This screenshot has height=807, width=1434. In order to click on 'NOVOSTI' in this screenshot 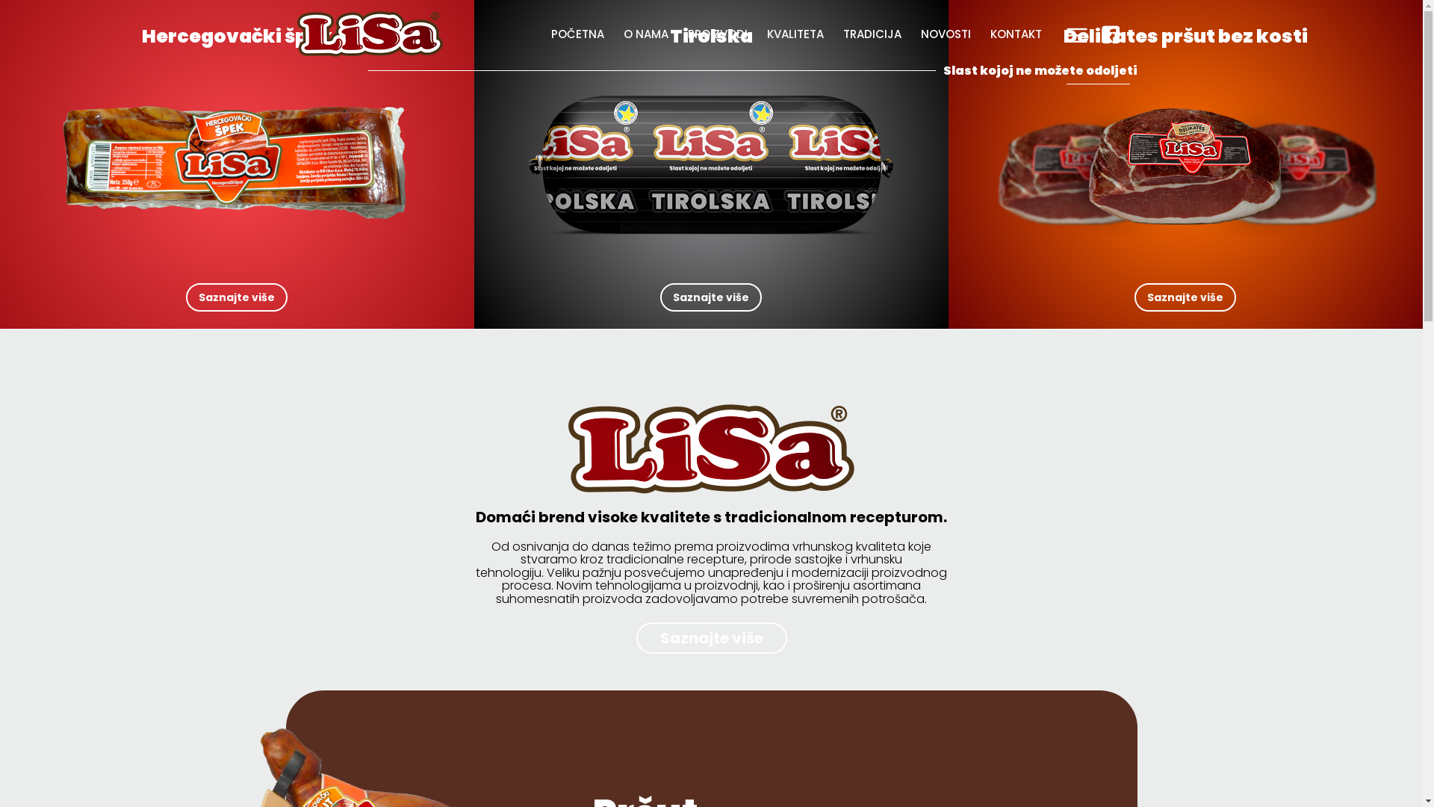, I will do `click(945, 34)`.